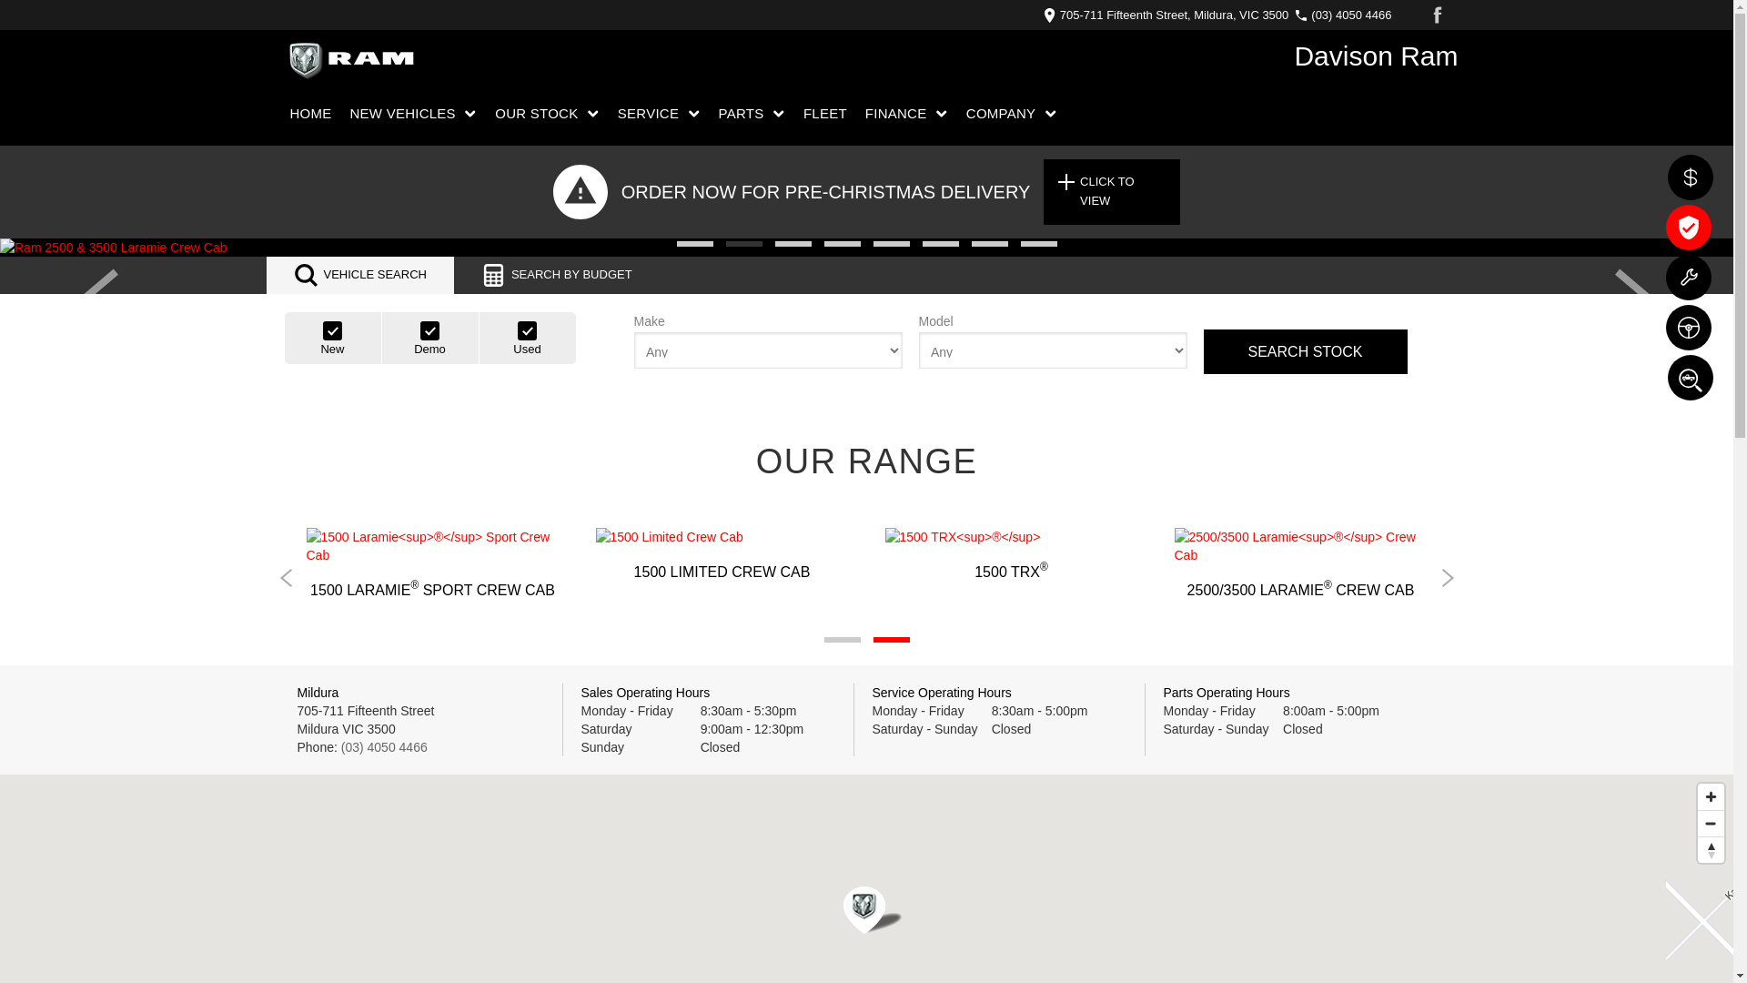 The height and width of the screenshot is (983, 1747). What do you see at coordinates (383, 747) in the screenshot?
I see `'(03) 4050 4466'` at bounding box center [383, 747].